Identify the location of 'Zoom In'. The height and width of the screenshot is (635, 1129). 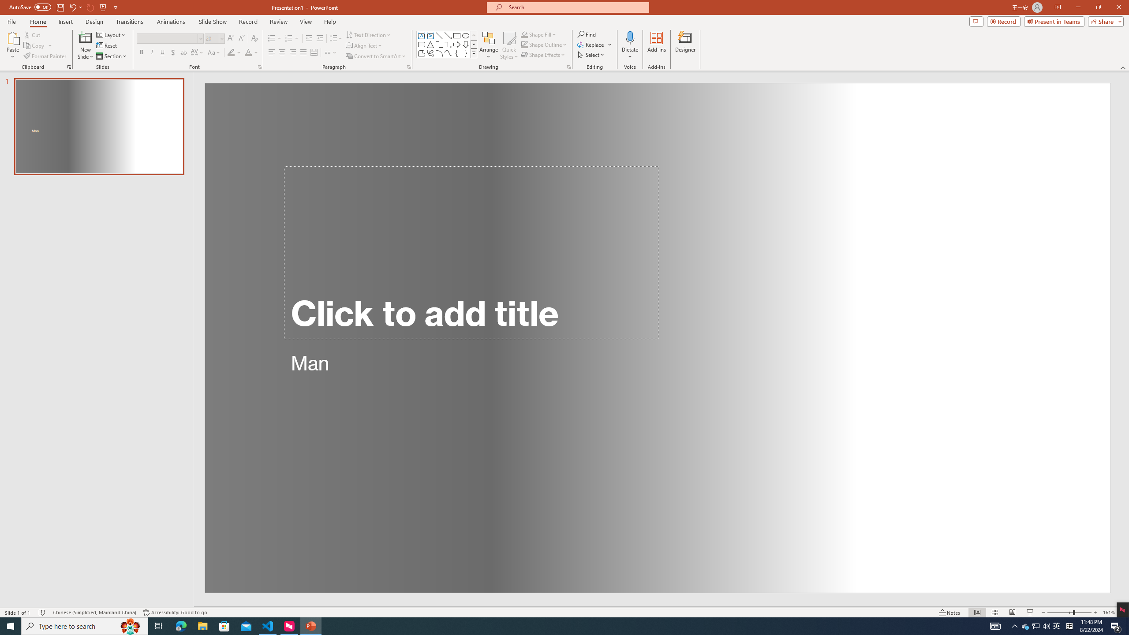
(1095, 613).